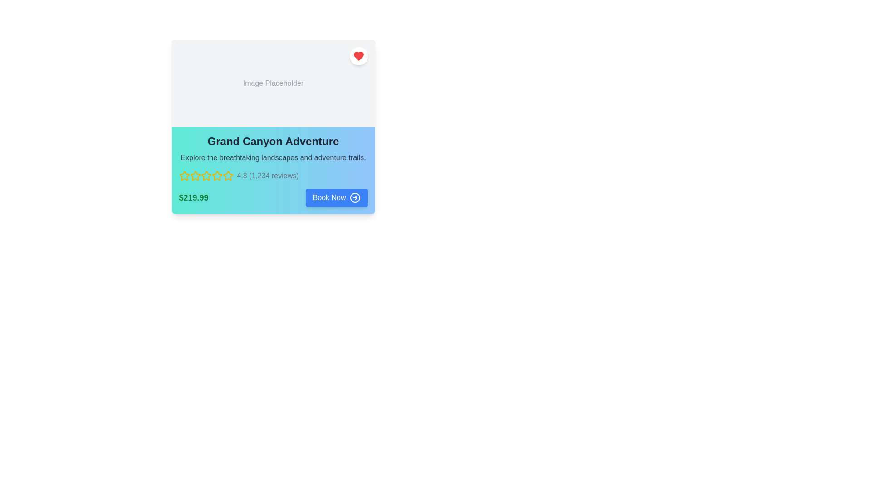 This screenshot has width=871, height=490. What do you see at coordinates (195, 175) in the screenshot?
I see `the first star in the five-star rating system to rate the item` at bounding box center [195, 175].